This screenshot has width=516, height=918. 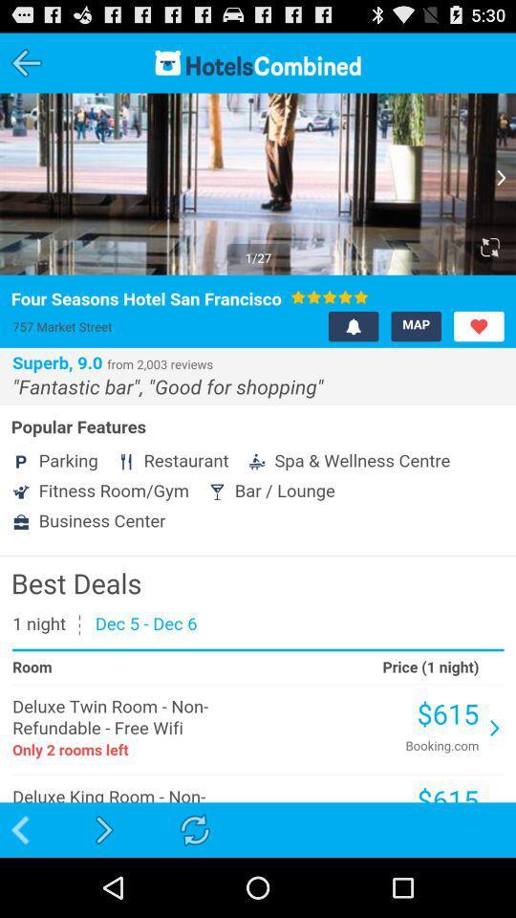 What do you see at coordinates (194, 888) in the screenshot?
I see `the refresh icon` at bounding box center [194, 888].